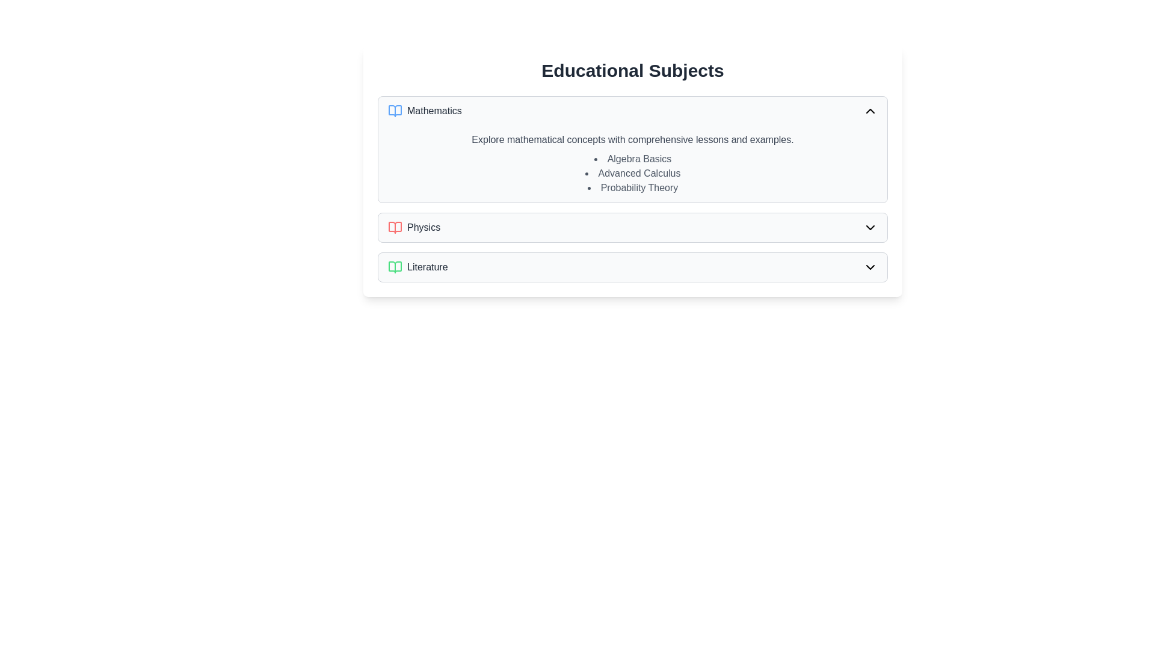 The image size is (1155, 649). What do you see at coordinates (632, 159) in the screenshot?
I see `the textual label 'Algebra Basics' which is the first item in the bullet-point list under the 'Mathematics' section` at bounding box center [632, 159].